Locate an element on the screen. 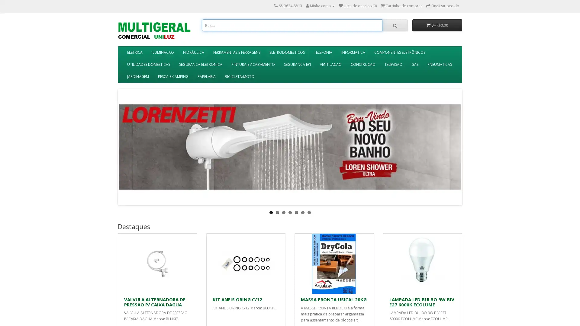 The image size is (580, 326). 0 - R$0,00 is located at coordinates (437, 25).